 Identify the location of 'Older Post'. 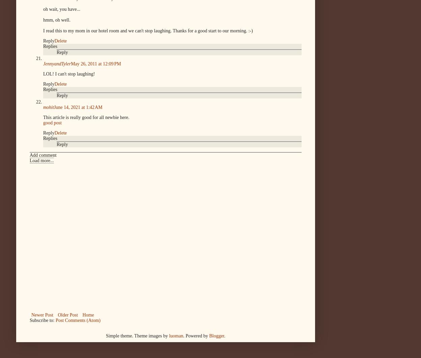
(67, 315).